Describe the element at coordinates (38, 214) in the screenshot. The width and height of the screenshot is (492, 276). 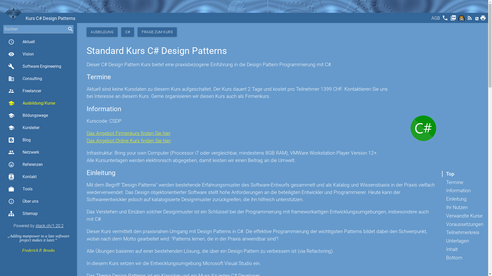
I see `'Sitemap'` at that location.